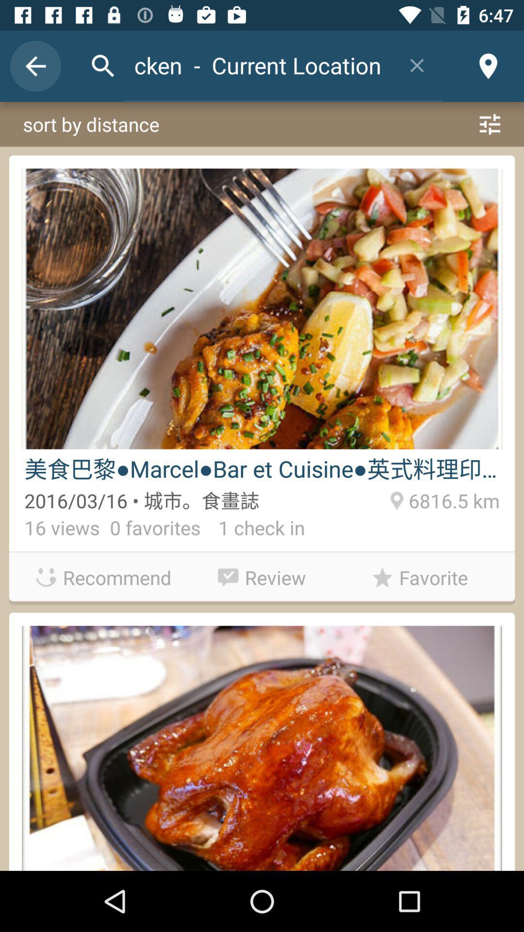  What do you see at coordinates (103, 577) in the screenshot?
I see `the recommend icon` at bounding box center [103, 577].